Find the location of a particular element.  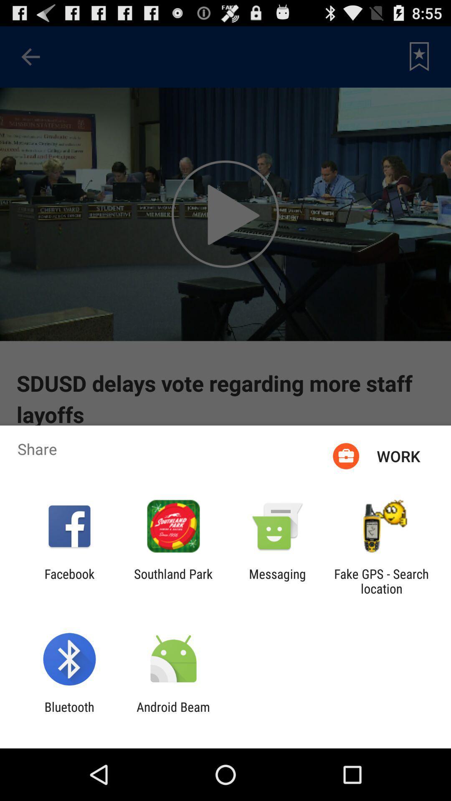

the app to the left of the southland park is located at coordinates (69, 581).